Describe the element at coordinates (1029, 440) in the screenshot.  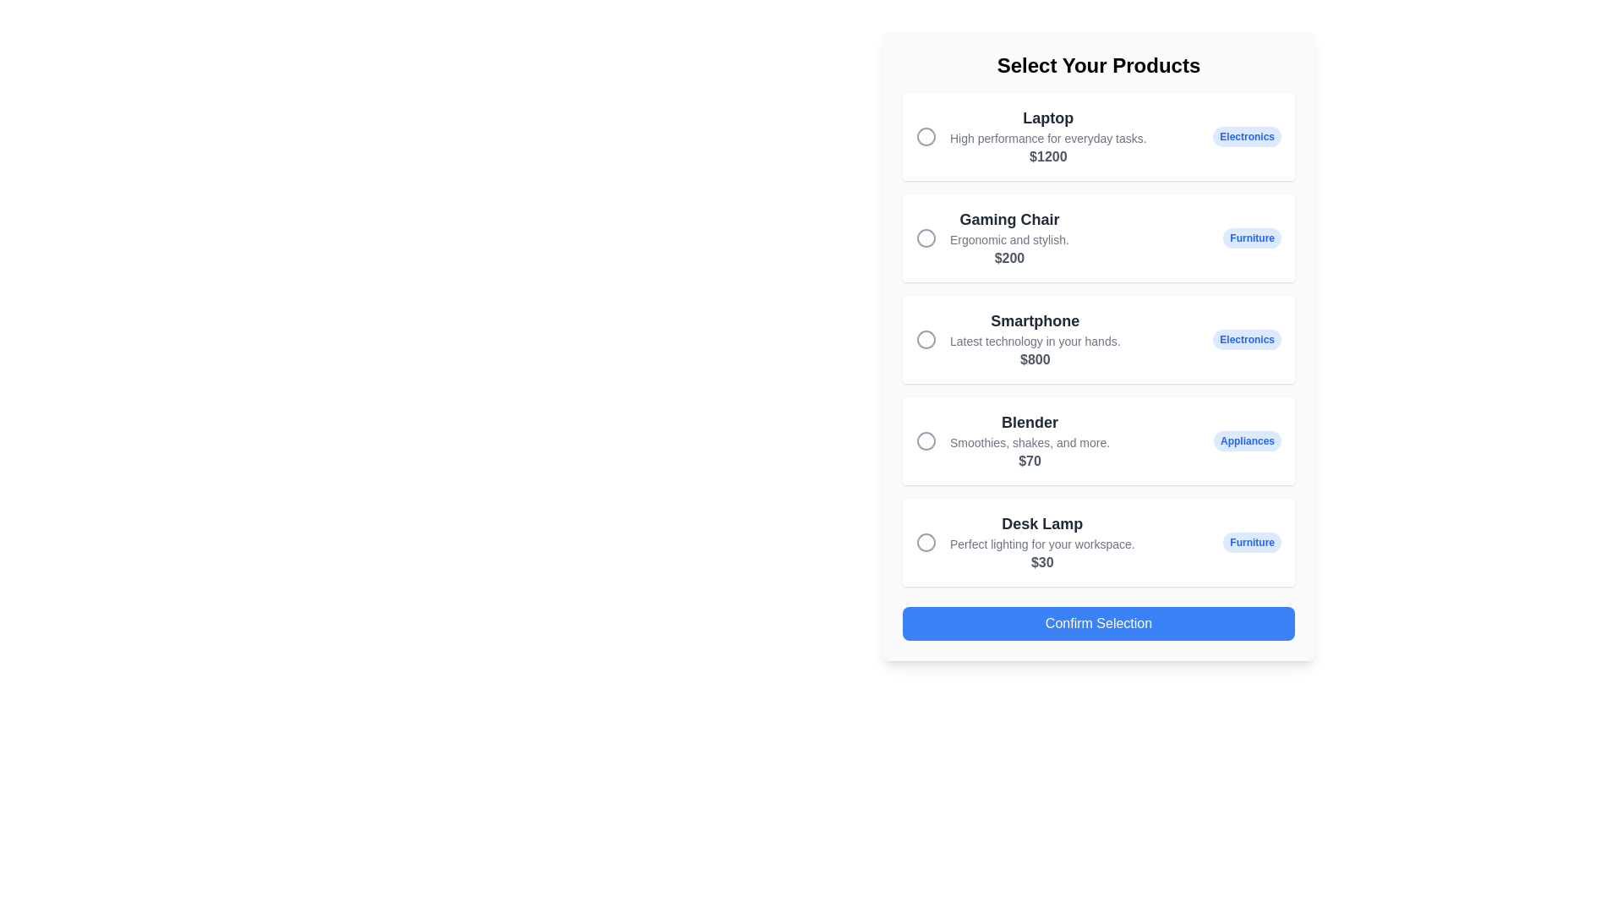
I see `the informational display element titled 'Blender', which includes the header, subtext, and price, located in the fourth position of the selection list` at that location.